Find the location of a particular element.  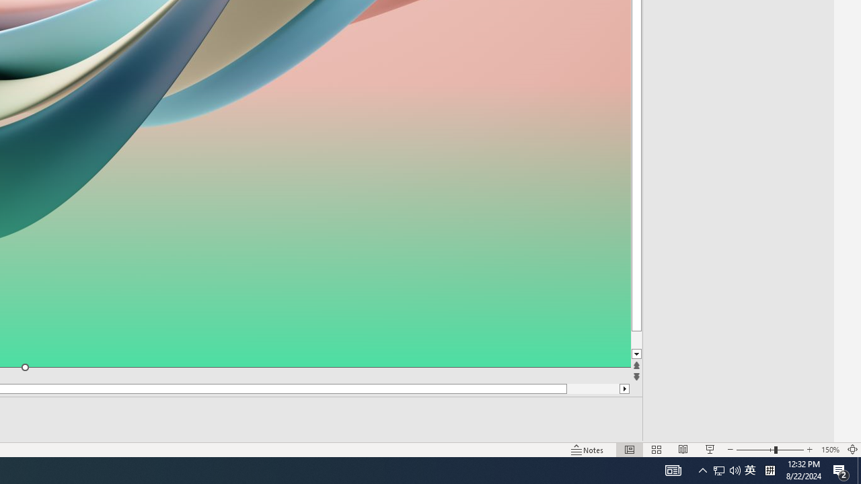

'Zoom to Fit ' is located at coordinates (852, 450).